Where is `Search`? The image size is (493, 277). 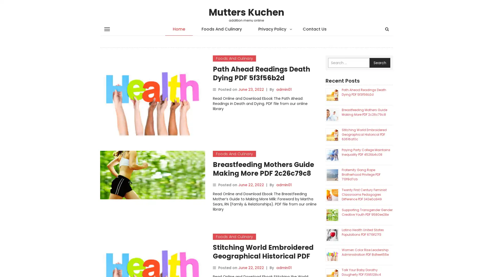 Search is located at coordinates (380, 63).